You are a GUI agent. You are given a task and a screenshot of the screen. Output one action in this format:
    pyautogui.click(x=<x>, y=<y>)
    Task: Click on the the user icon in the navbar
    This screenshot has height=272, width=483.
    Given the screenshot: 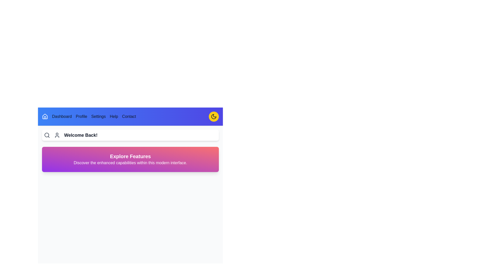 What is the action you would take?
    pyautogui.click(x=57, y=135)
    